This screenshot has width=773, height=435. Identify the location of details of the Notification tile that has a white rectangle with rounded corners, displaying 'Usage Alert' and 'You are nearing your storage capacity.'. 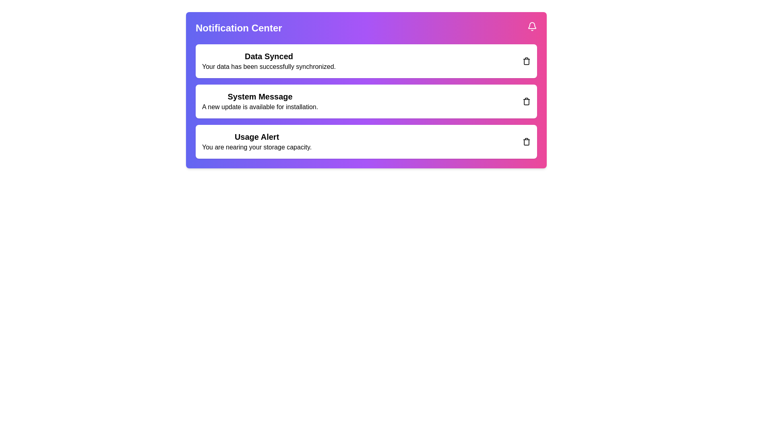
(366, 141).